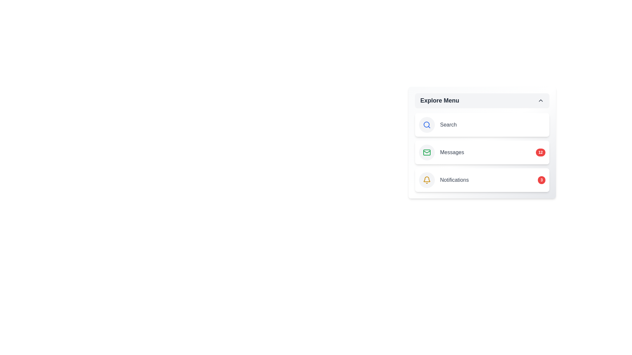  What do you see at coordinates (482, 180) in the screenshot?
I see `the 'Notifications' menu item` at bounding box center [482, 180].